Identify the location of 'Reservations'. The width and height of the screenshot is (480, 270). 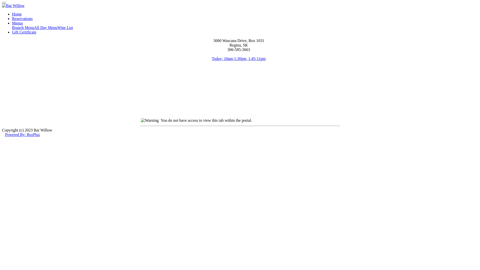
(22, 18).